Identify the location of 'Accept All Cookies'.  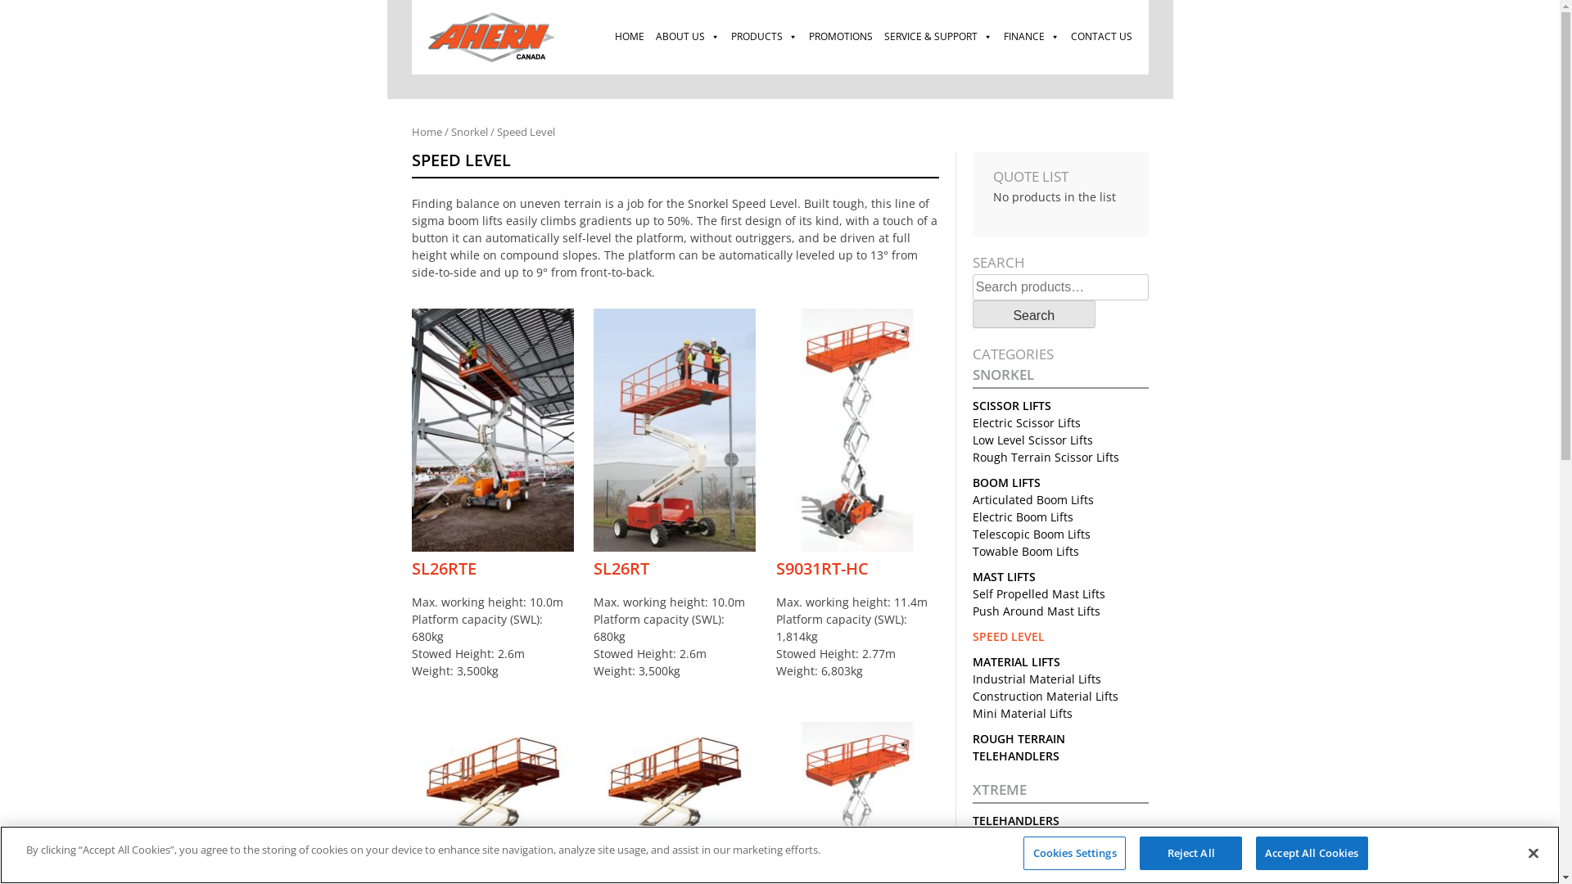
(1312, 852).